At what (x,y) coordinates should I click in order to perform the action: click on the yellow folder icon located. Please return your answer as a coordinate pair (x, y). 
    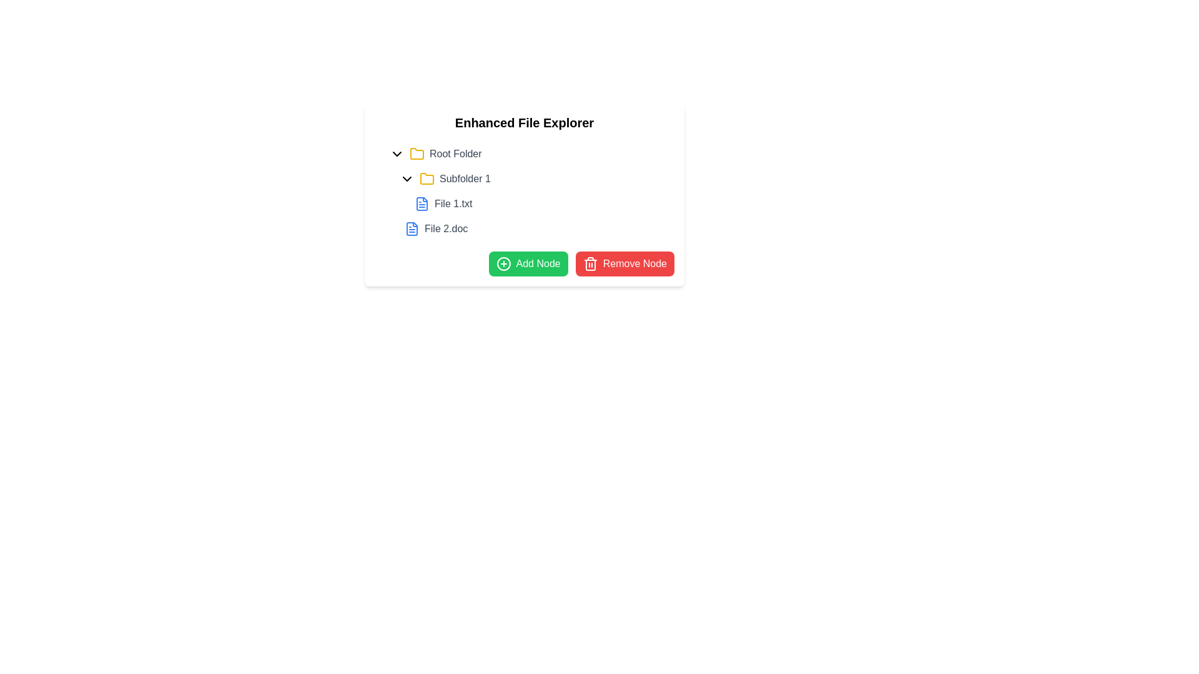
    Looking at the image, I should click on (427, 178).